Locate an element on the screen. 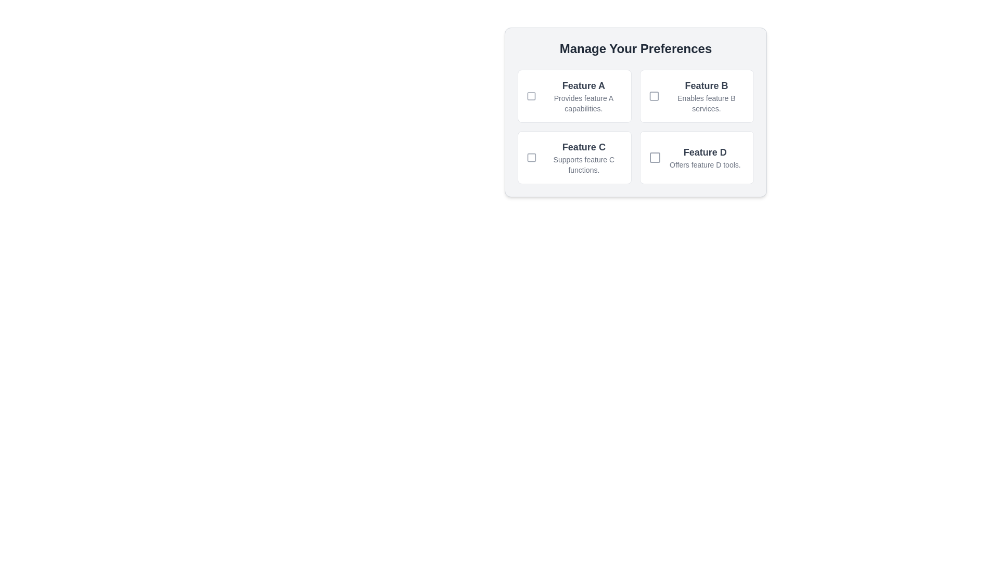  descriptive label for 'Feature B' located adjacent to the checkbox in the top right quadrant of the UI is located at coordinates (707, 96).